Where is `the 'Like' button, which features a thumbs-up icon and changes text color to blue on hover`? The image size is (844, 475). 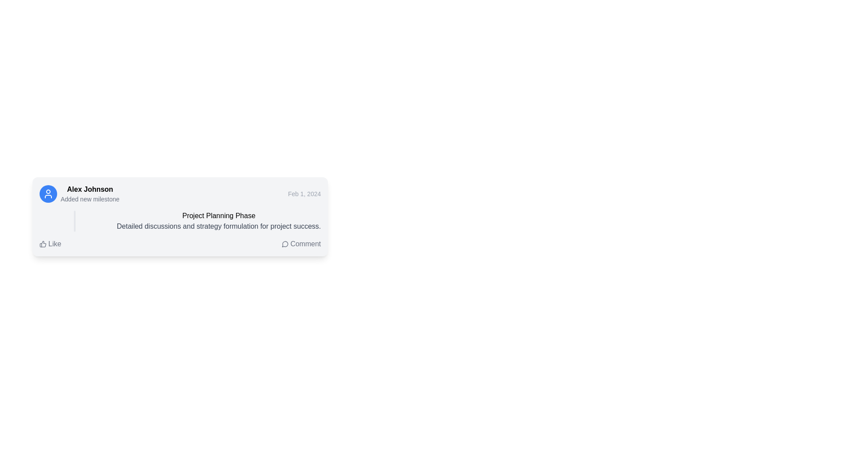 the 'Like' button, which features a thumbs-up icon and changes text color to blue on hover is located at coordinates (50, 244).